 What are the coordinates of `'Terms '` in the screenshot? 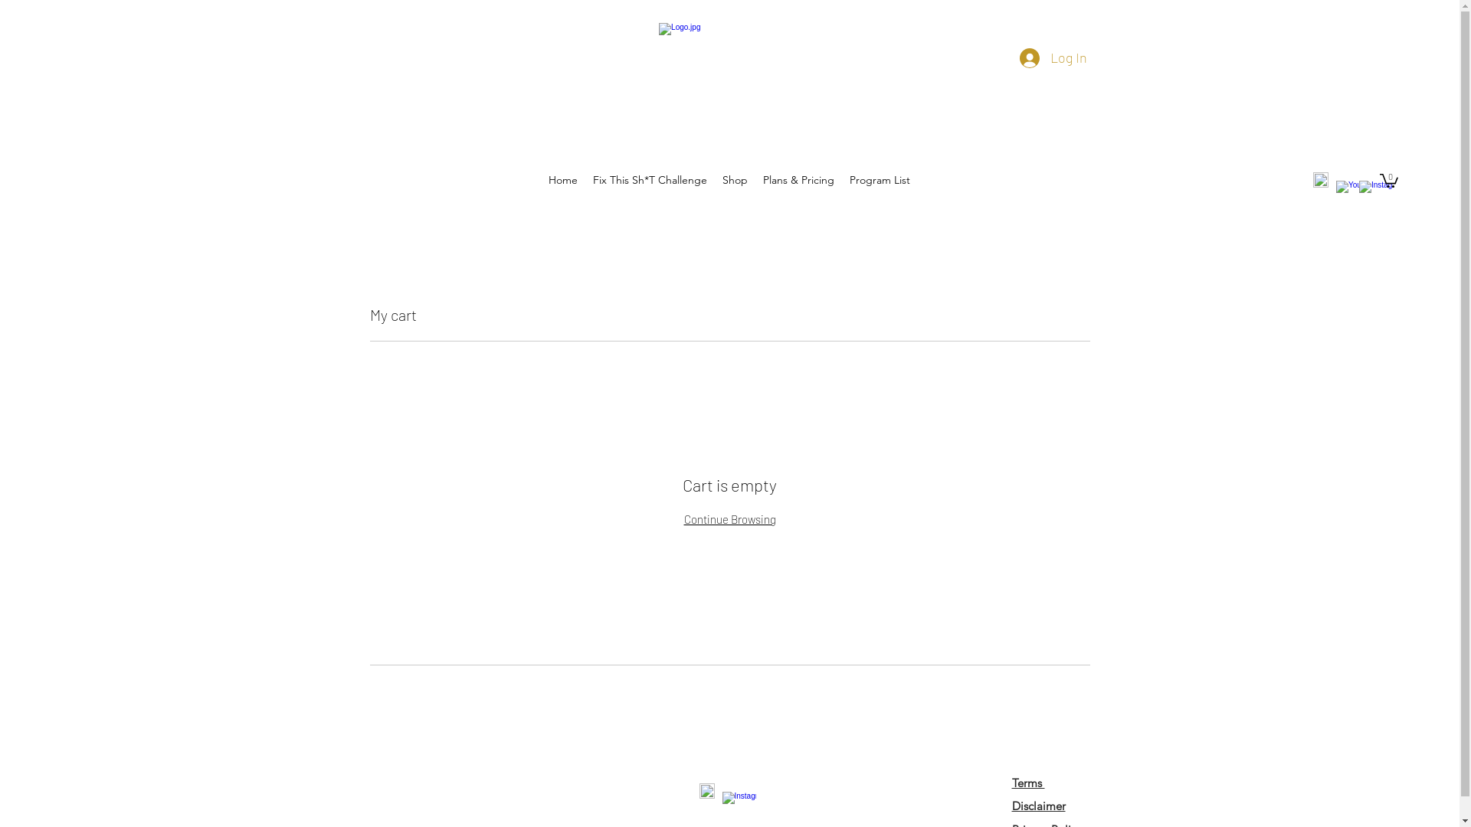 It's located at (1027, 783).